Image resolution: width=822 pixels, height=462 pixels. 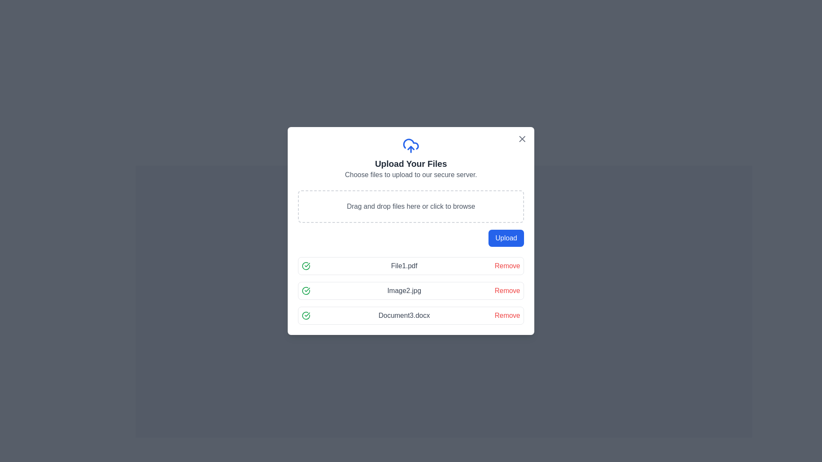 I want to click on the status icon indicating that 'File1.pdf' has been successfully processed, located in the first row of the file list section, so click(x=306, y=265).